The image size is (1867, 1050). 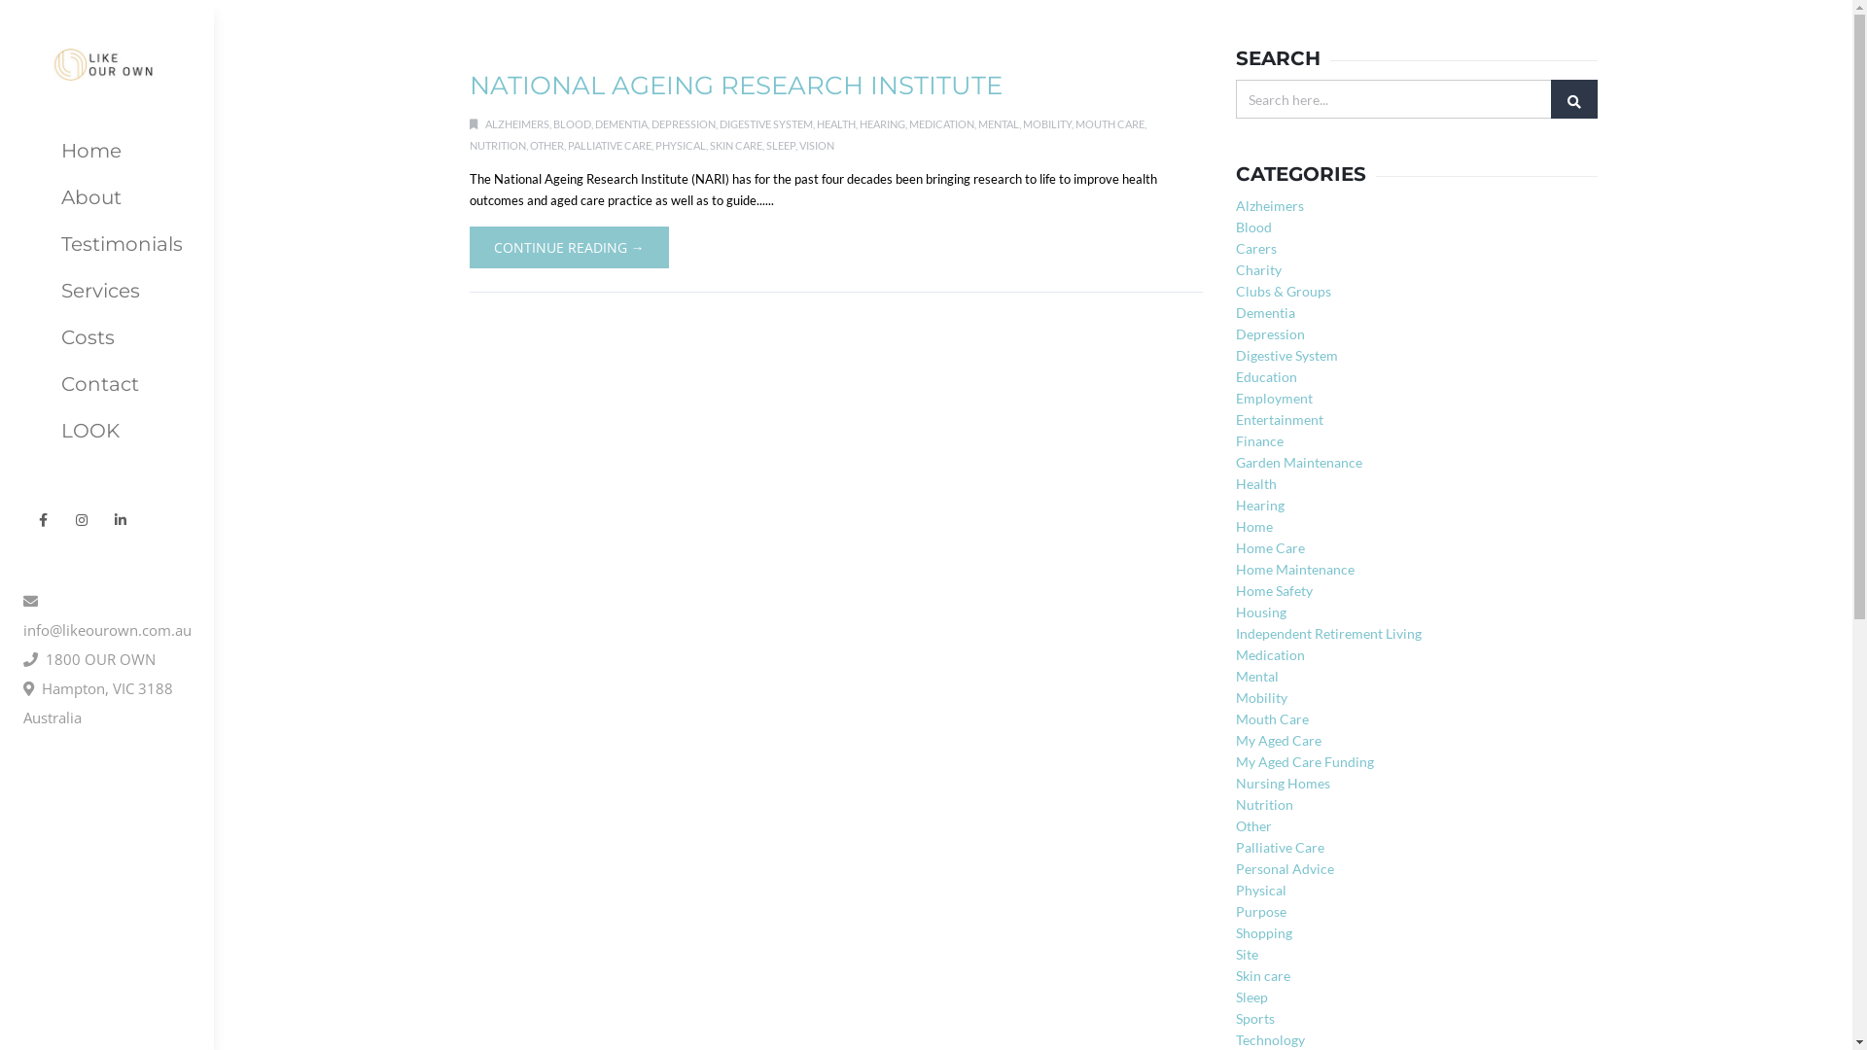 I want to click on 'Garden Maintenance', so click(x=1298, y=462).